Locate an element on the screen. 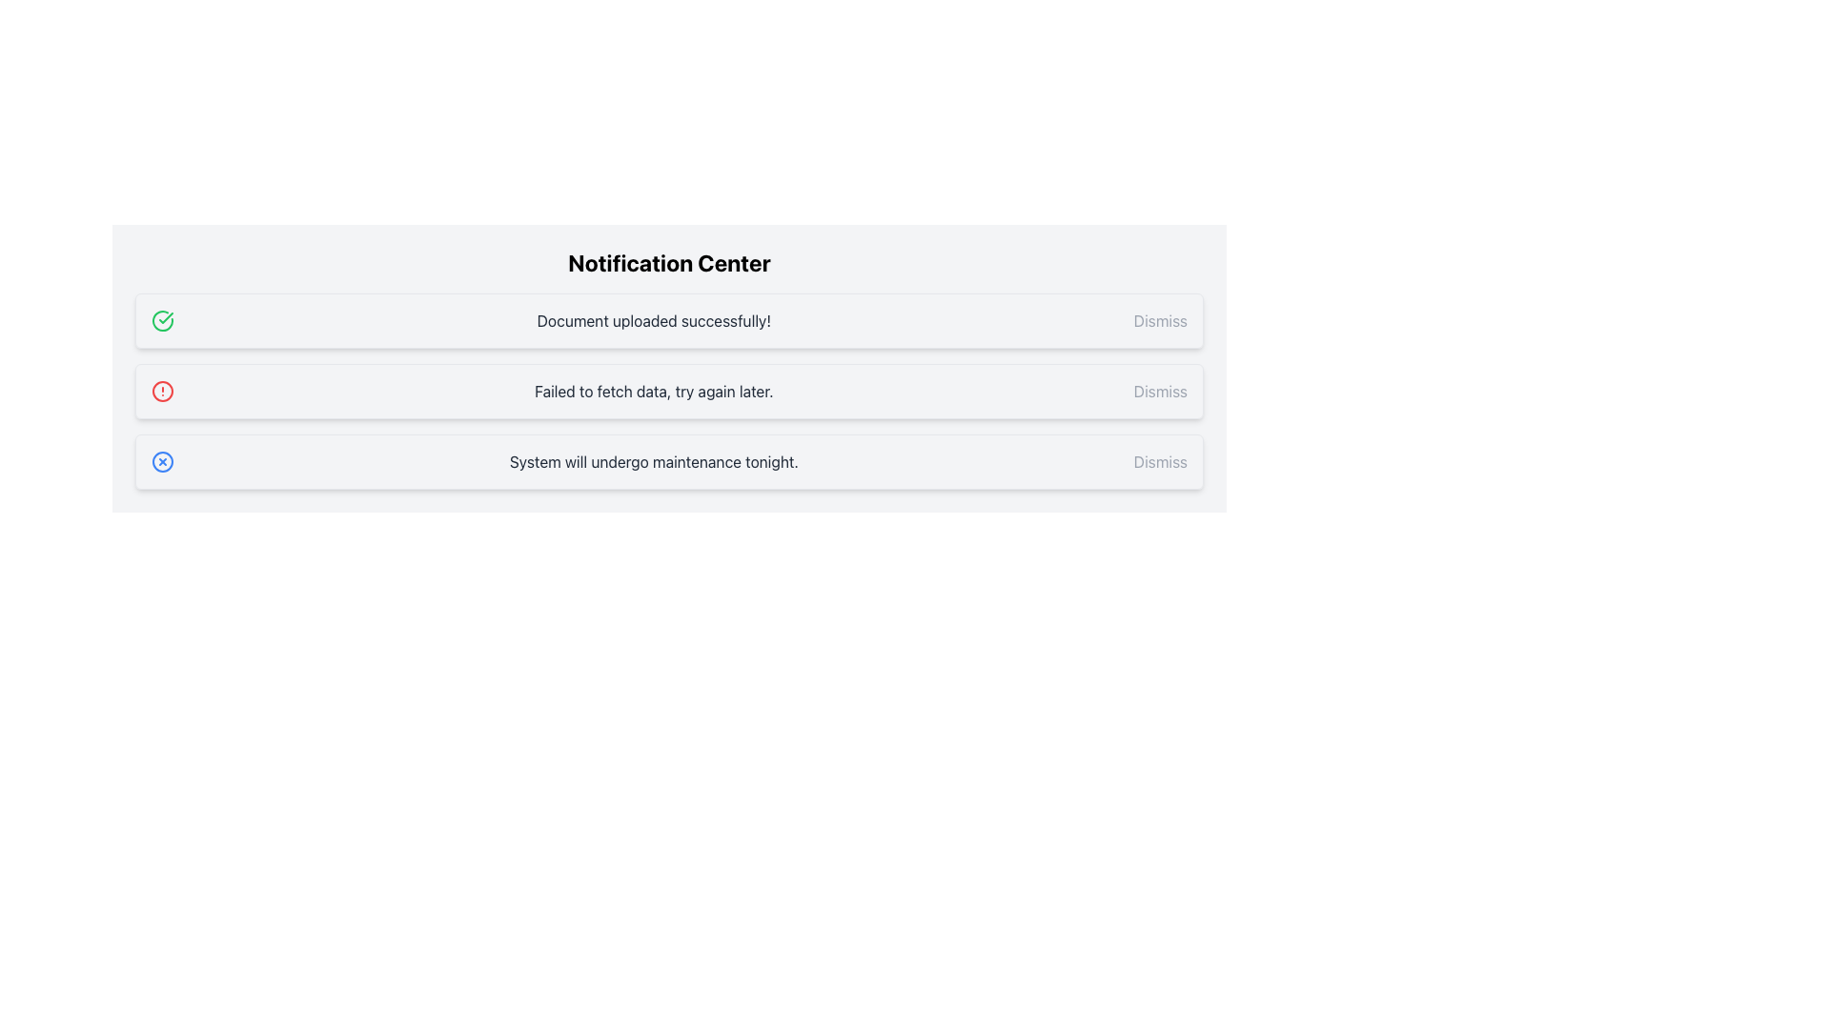 Image resolution: width=1830 pixels, height=1029 pixels. the notification box that indicates a successful document upload, which includes a dismiss button is located at coordinates (669, 319).